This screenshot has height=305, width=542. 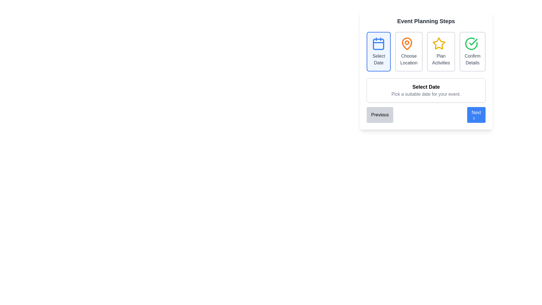 I want to click on the text label that provides instructions for selecting a date, located below the 'Select Date' header, so click(x=426, y=94).